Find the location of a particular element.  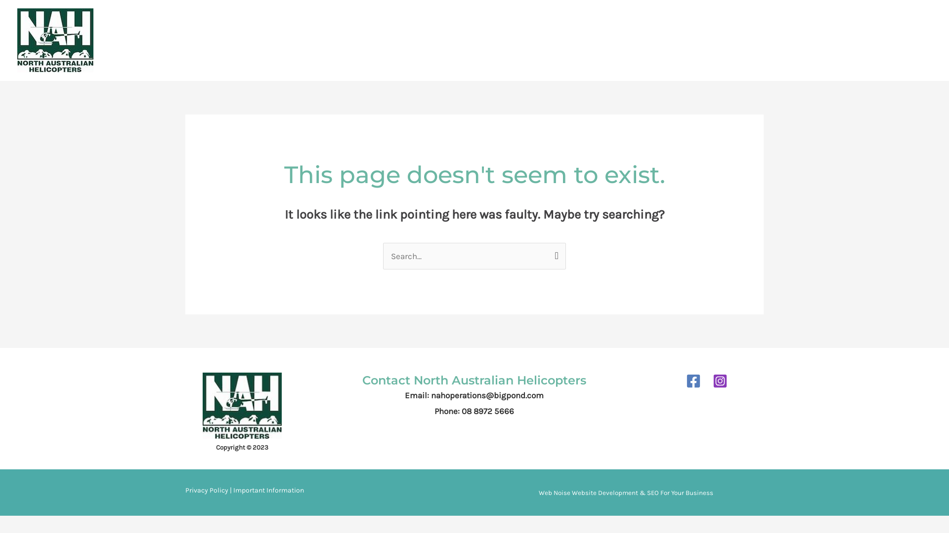

'Phone: 08 8972 5666' is located at coordinates (474, 411).